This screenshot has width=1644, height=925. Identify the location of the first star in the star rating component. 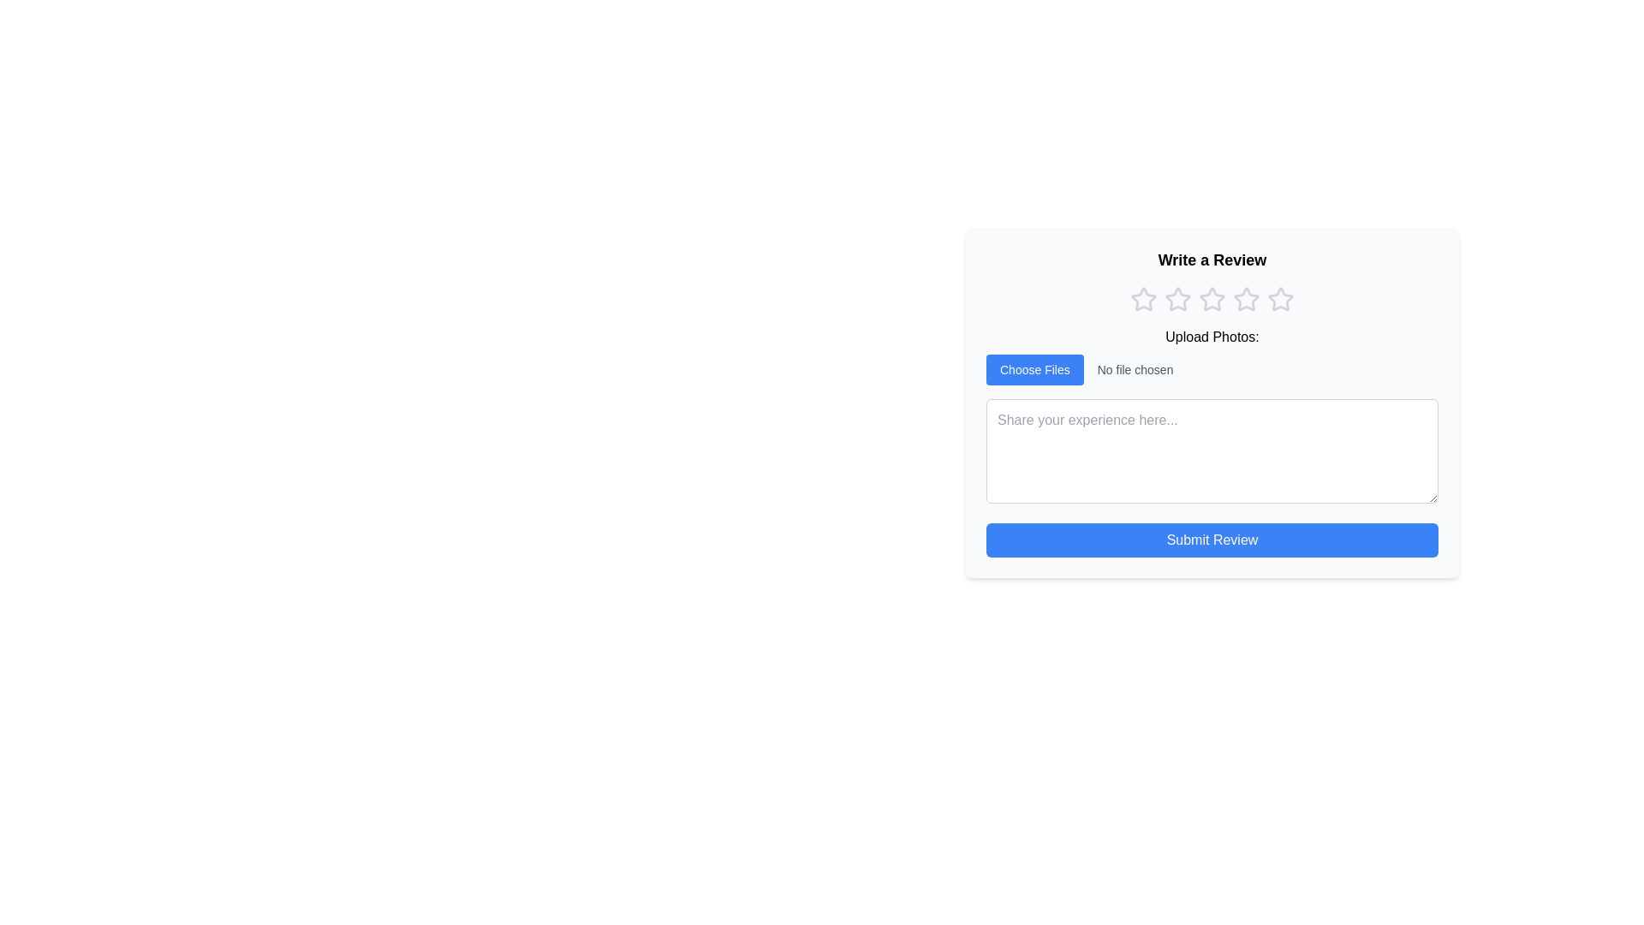
(1143, 299).